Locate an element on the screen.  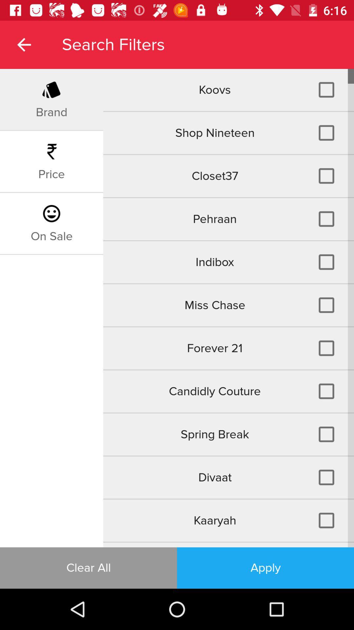
icon next to brand icon is located at coordinates (228, 90).